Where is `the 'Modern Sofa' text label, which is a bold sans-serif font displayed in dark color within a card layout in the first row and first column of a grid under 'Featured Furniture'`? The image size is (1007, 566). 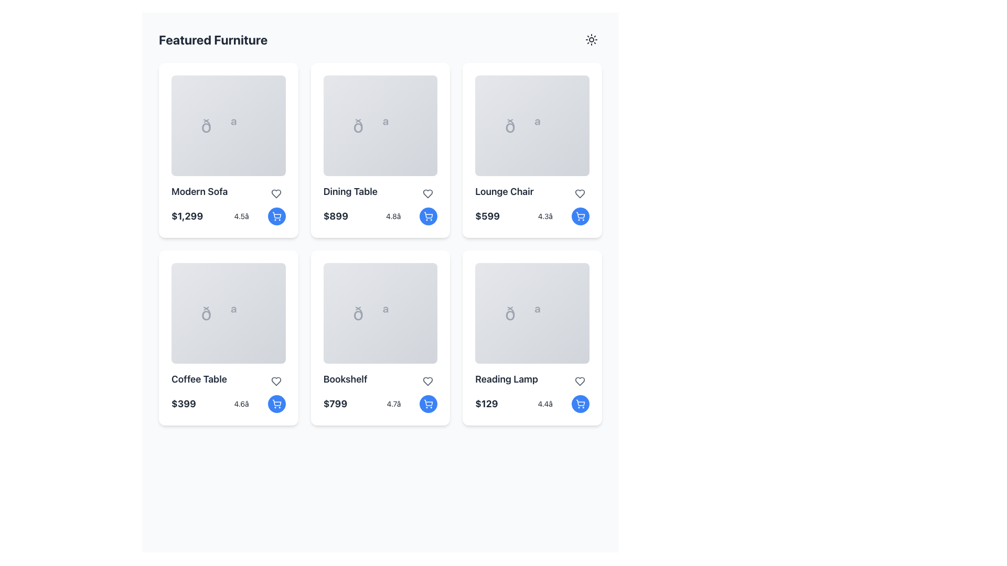
the 'Modern Sofa' text label, which is a bold sans-serif font displayed in dark color within a card layout in the first row and first column of a grid under 'Featured Furniture' is located at coordinates (199, 192).